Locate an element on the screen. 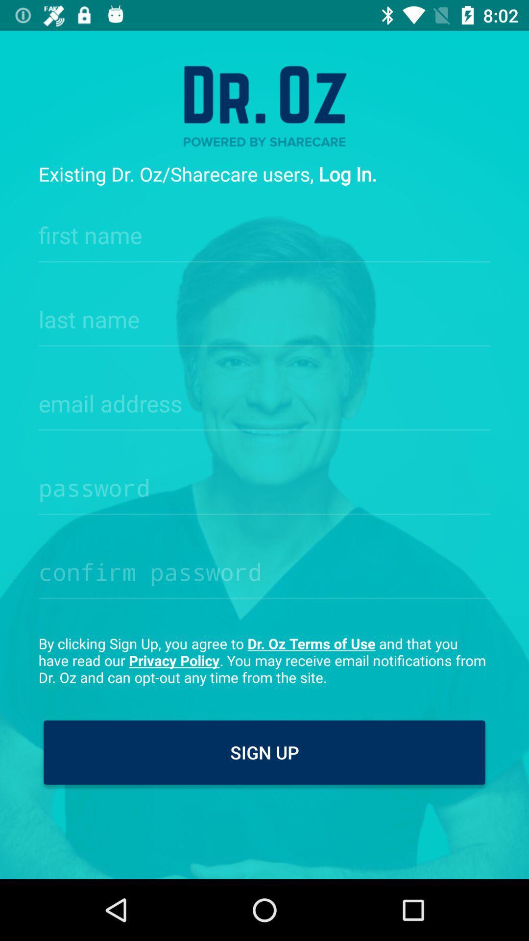 The height and width of the screenshot is (941, 529). type password is located at coordinates (264, 569).